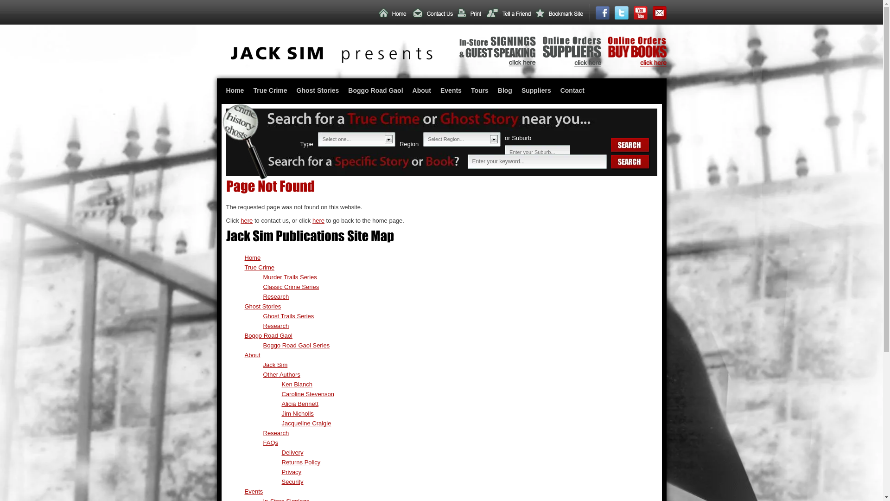  Describe the element at coordinates (318, 220) in the screenshot. I see `'here'` at that location.